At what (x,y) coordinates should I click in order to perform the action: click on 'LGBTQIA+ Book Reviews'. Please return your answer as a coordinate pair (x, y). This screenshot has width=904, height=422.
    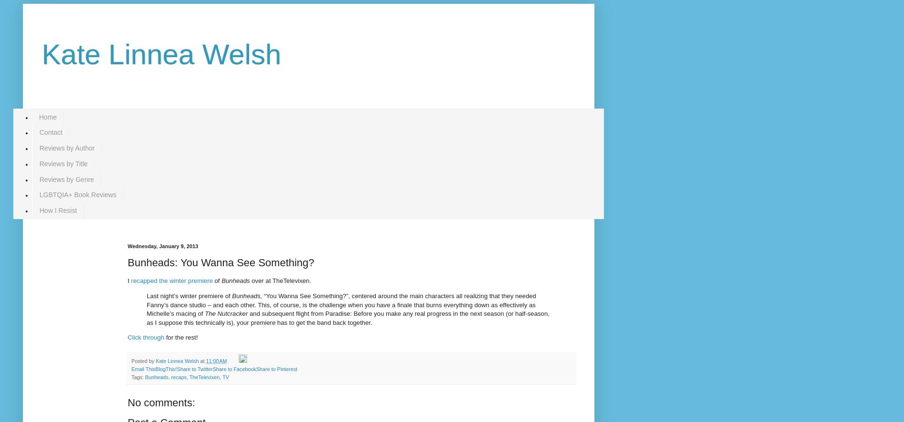
    Looking at the image, I should click on (77, 194).